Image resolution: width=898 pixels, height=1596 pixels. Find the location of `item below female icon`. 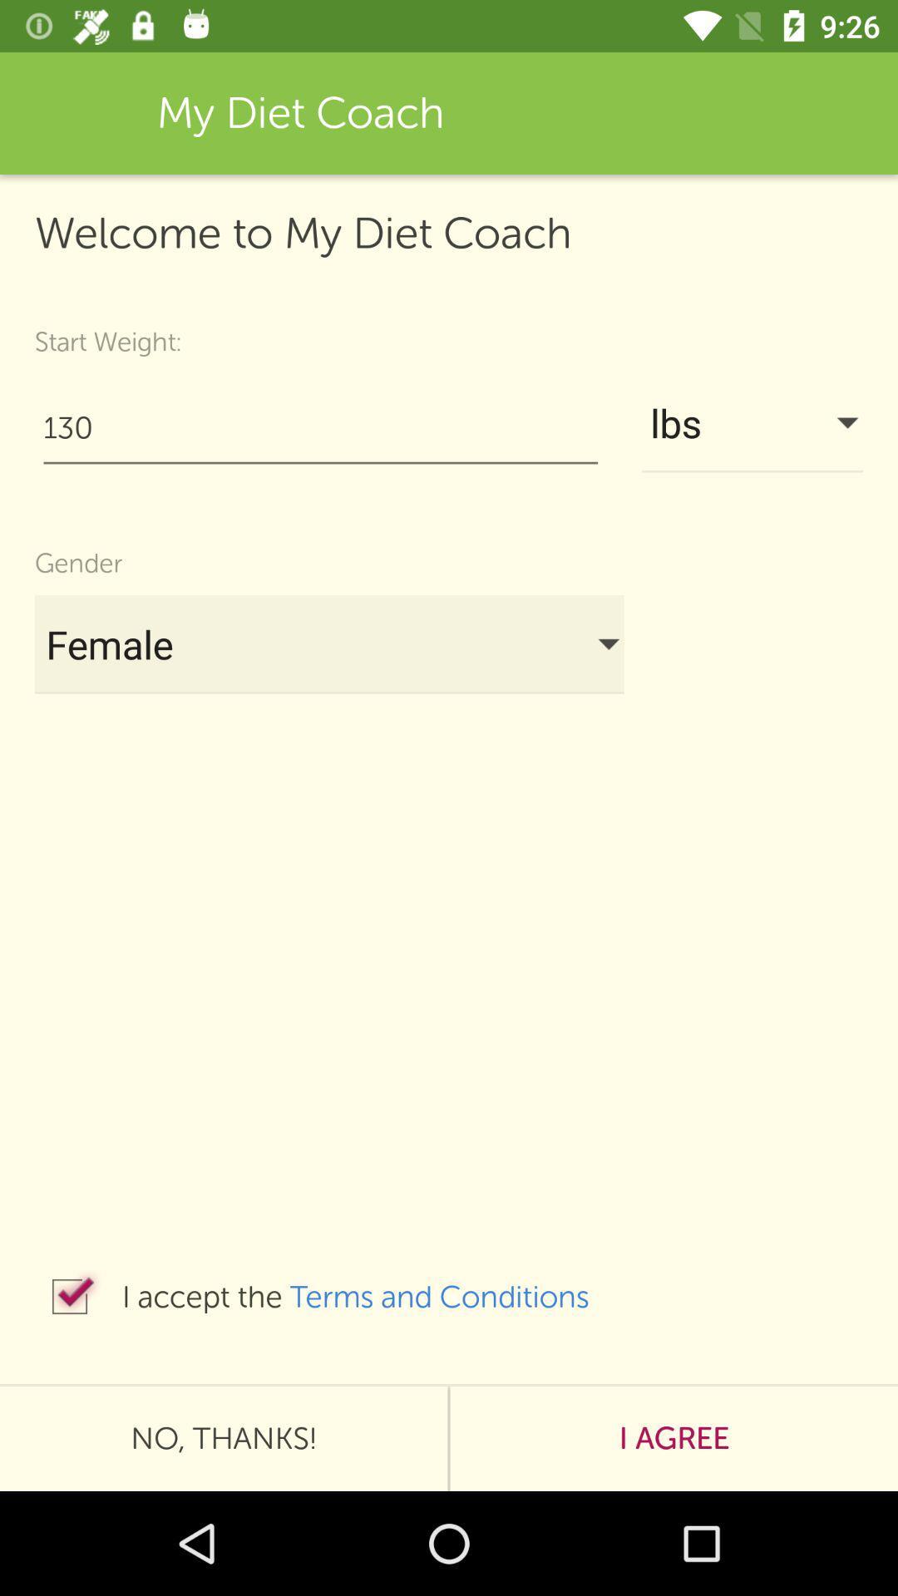

item below female icon is located at coordinates (456, 1296).